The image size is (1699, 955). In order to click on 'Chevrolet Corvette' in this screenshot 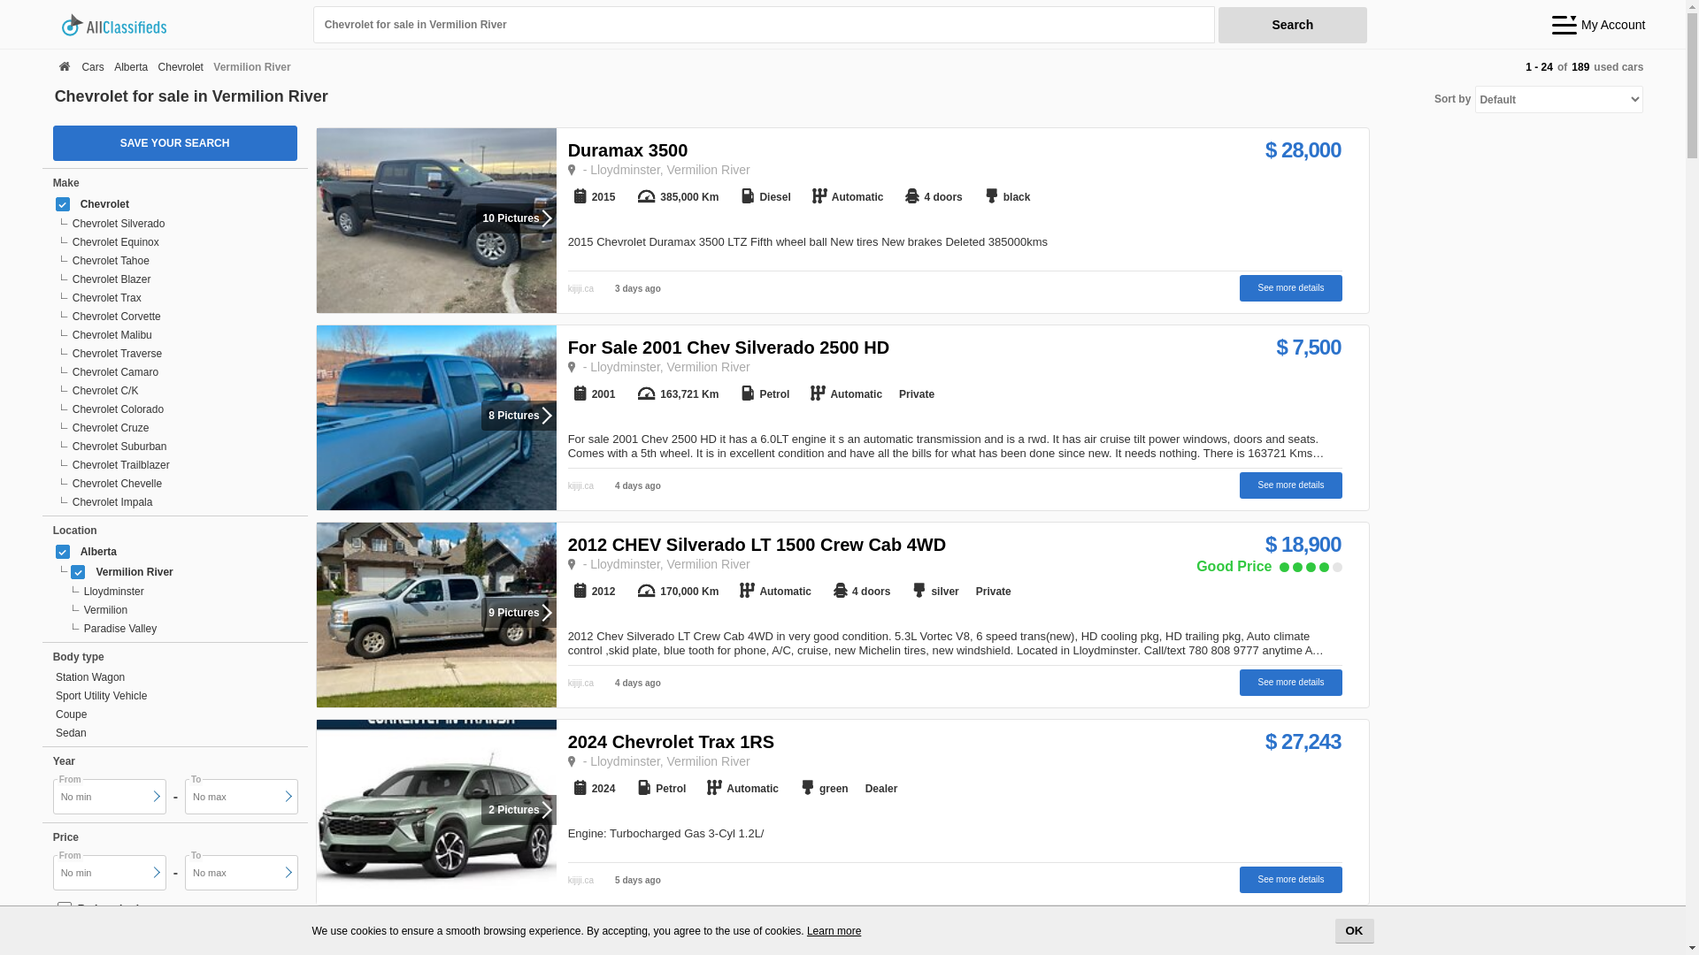, I will do `click(68, 316)`.